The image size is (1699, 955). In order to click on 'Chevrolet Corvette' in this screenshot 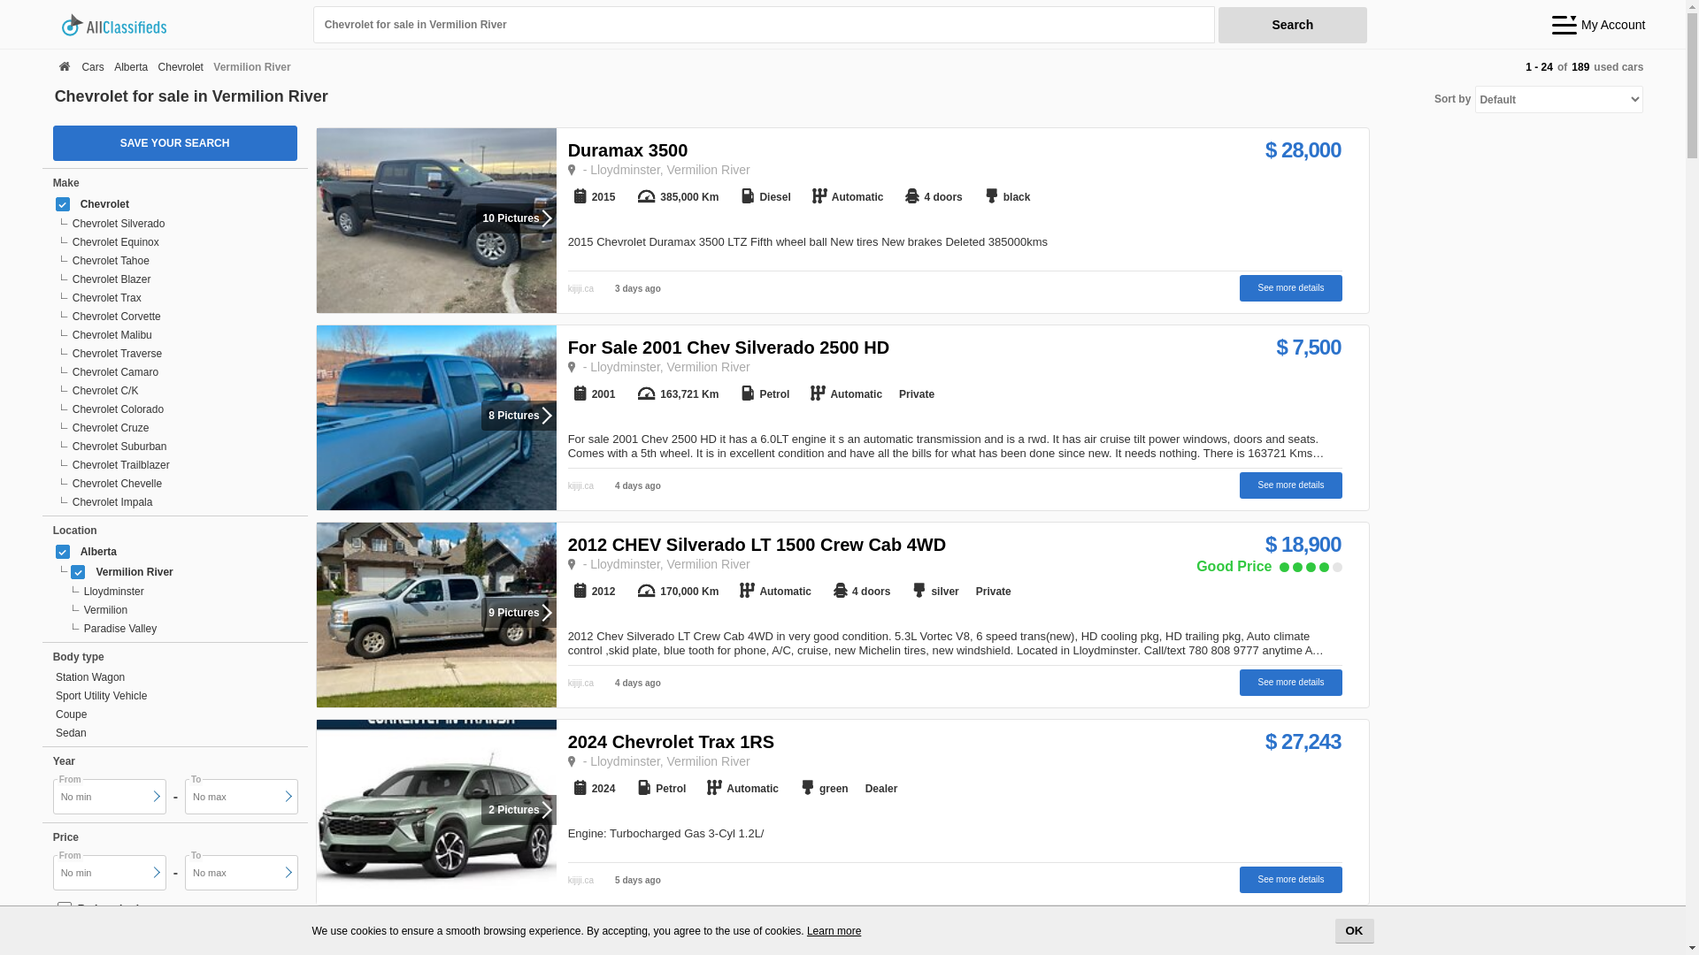, I will do `click(68, 316)`.